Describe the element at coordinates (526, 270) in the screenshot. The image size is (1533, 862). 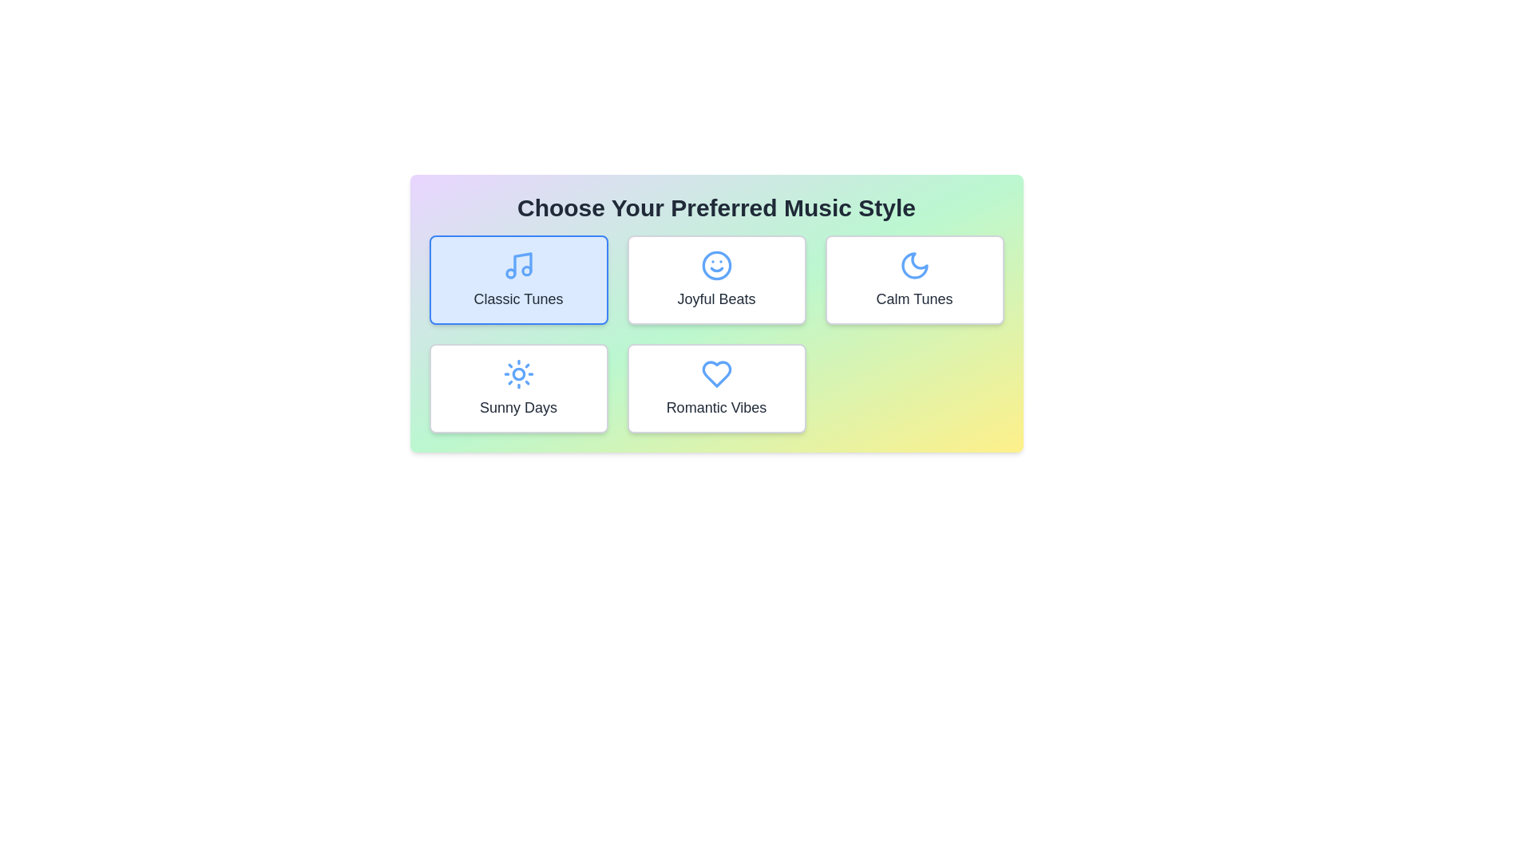
I see `the decorative graphical element (circle) that represents the second dot of the music note icon within the 'Classic Tunes' card located in the top row of the grid` at that location.